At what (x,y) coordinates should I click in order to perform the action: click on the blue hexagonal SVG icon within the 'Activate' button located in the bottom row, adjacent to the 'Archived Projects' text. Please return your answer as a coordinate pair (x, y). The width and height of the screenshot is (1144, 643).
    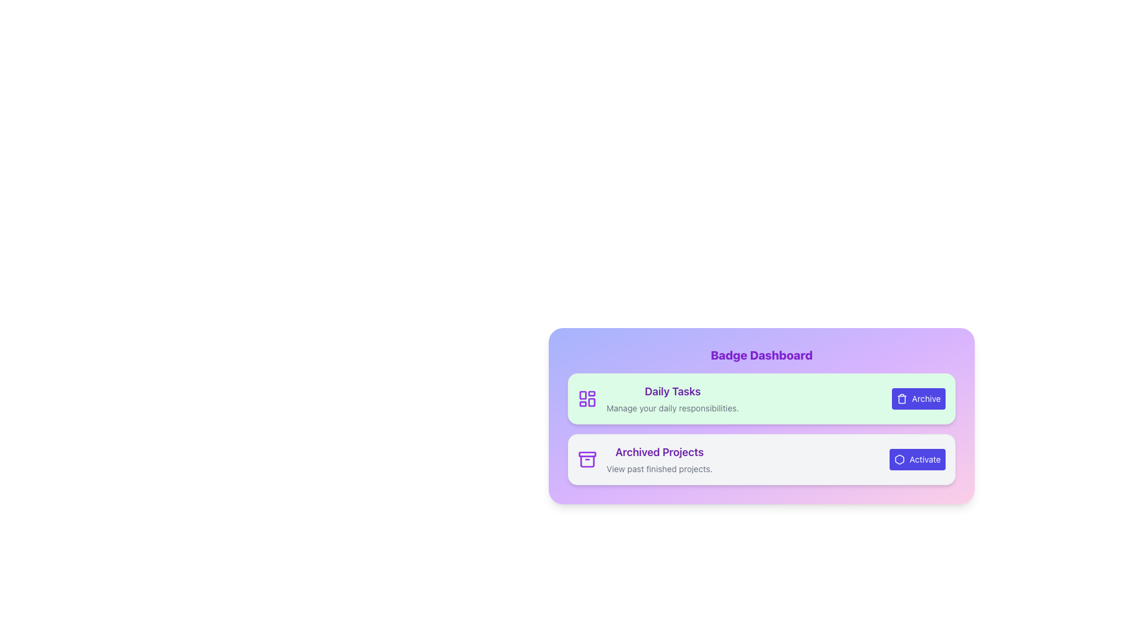
    Looking at the image, I should click on (899, 458).